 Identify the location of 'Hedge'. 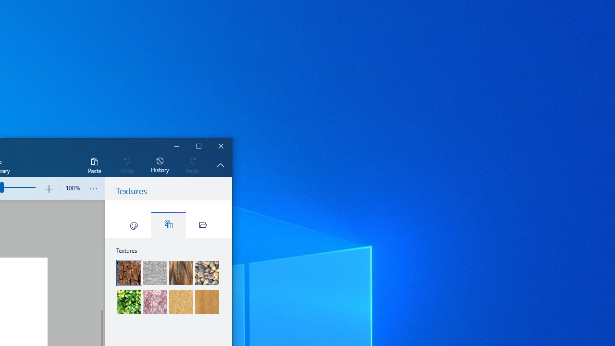
(129, 301).